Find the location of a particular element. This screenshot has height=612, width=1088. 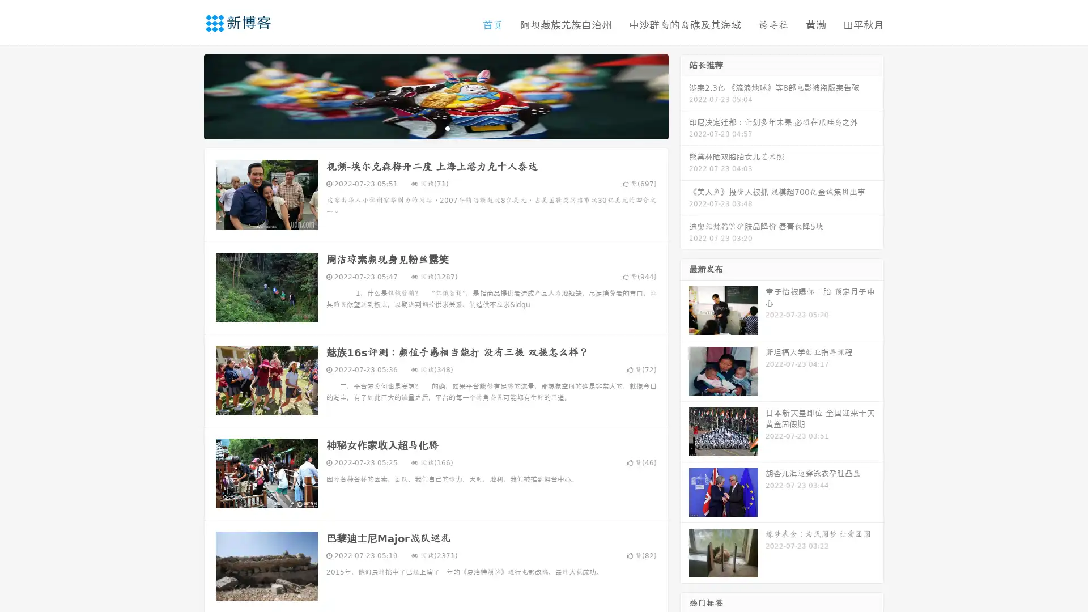

Go to slide 2 is located at coordinates (435, 127).